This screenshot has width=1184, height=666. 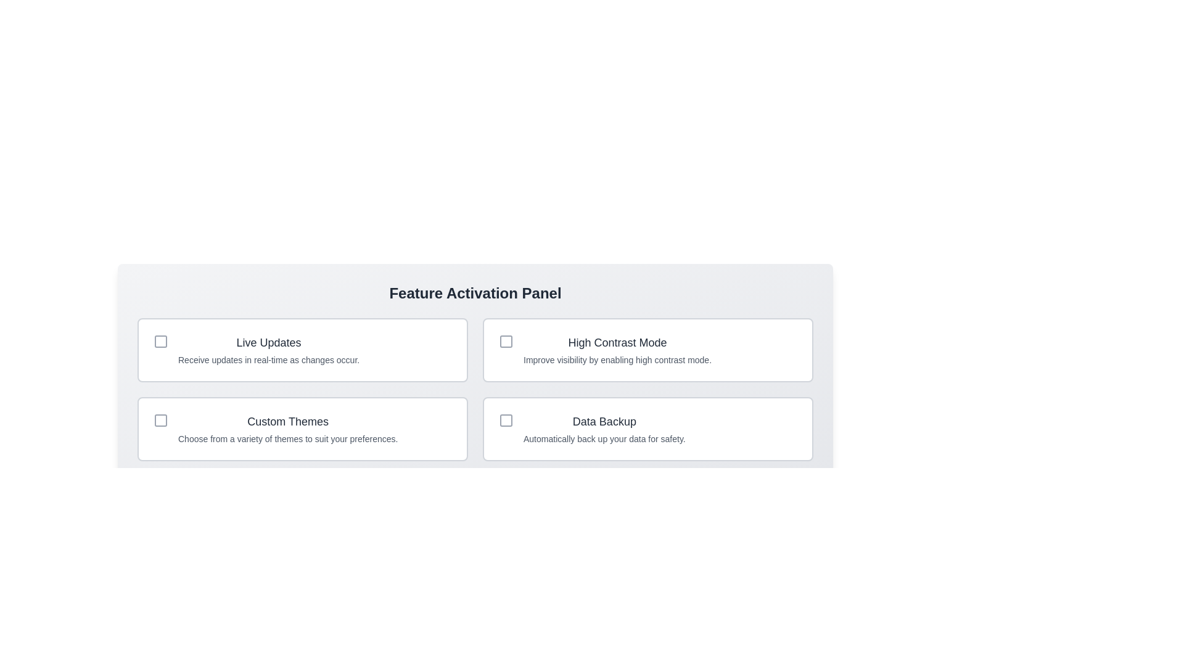 What do you see at coordinates (268, 350) in the screenshot?
I see `the descriptive text block in the top-left quadrant of the 'Feature Activation Panel' section, which provides real-time updates as changes occur` at bounding box center [268, 350].